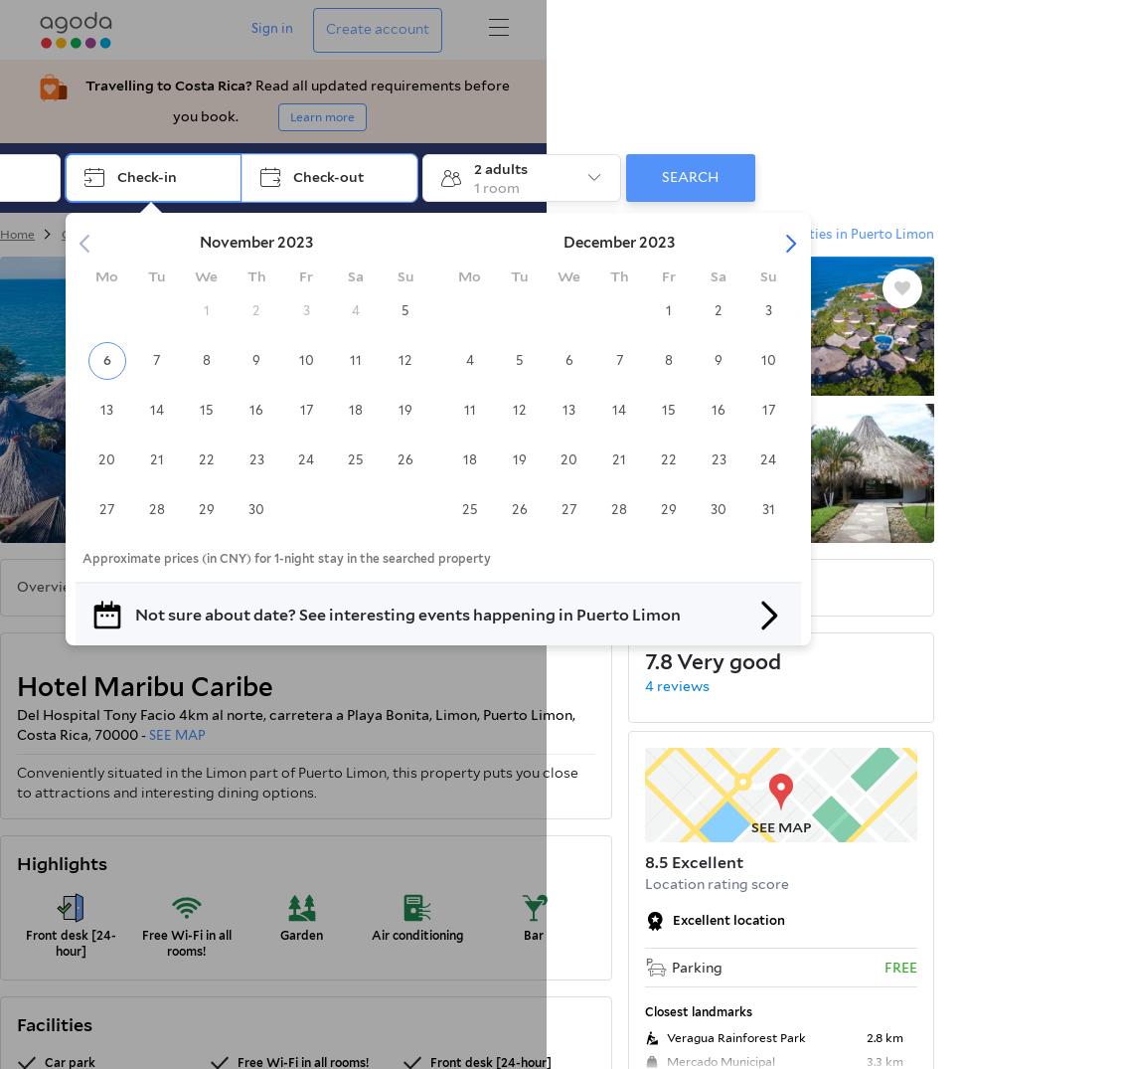 The width and height of the screenshot is (1125, 1069). What do you see at coordinates (70, 942) in the screenshot?
I see `'Front desk [24-hour]'` at bounding box center [70, 942].